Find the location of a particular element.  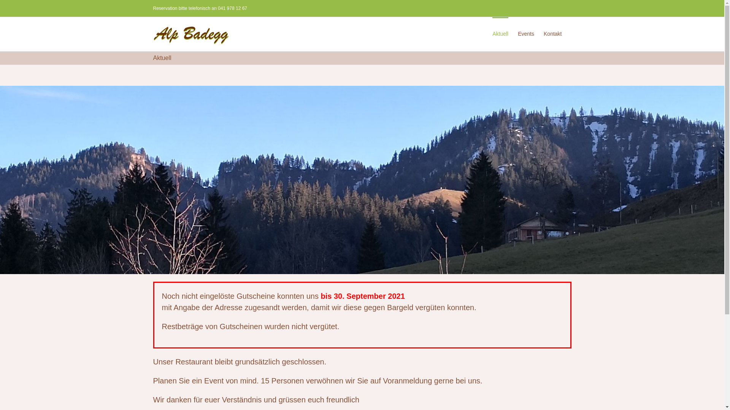

'Kontakt' is located at coordinates (552, 33).